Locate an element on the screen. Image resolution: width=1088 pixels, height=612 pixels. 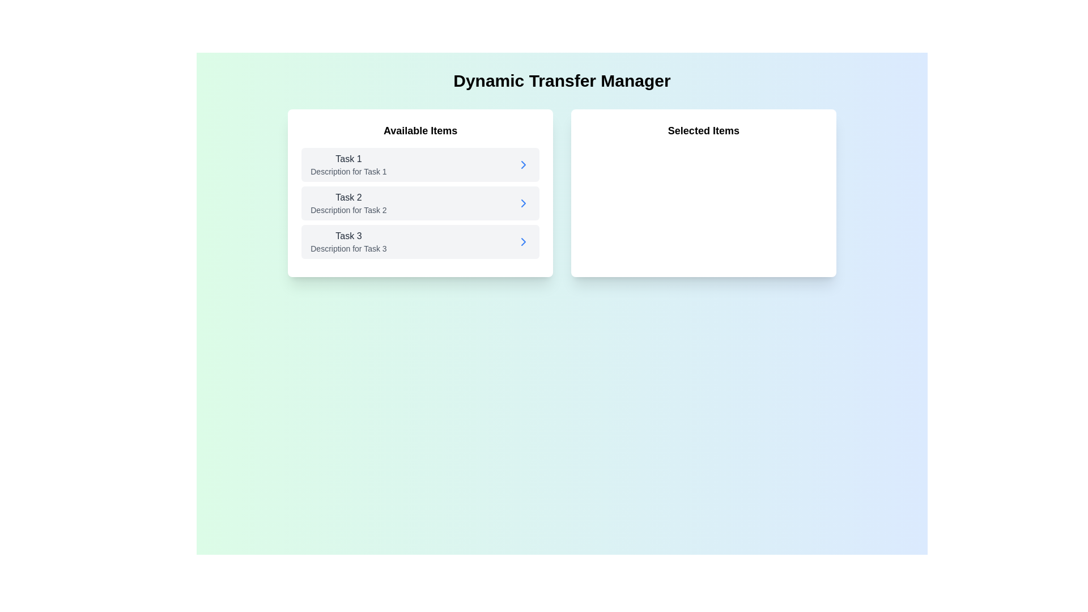
the rightward-pointing chevron icon button in the 'Available Items' section, aligned with 'Task 2' is located at coordinates (523, 202).